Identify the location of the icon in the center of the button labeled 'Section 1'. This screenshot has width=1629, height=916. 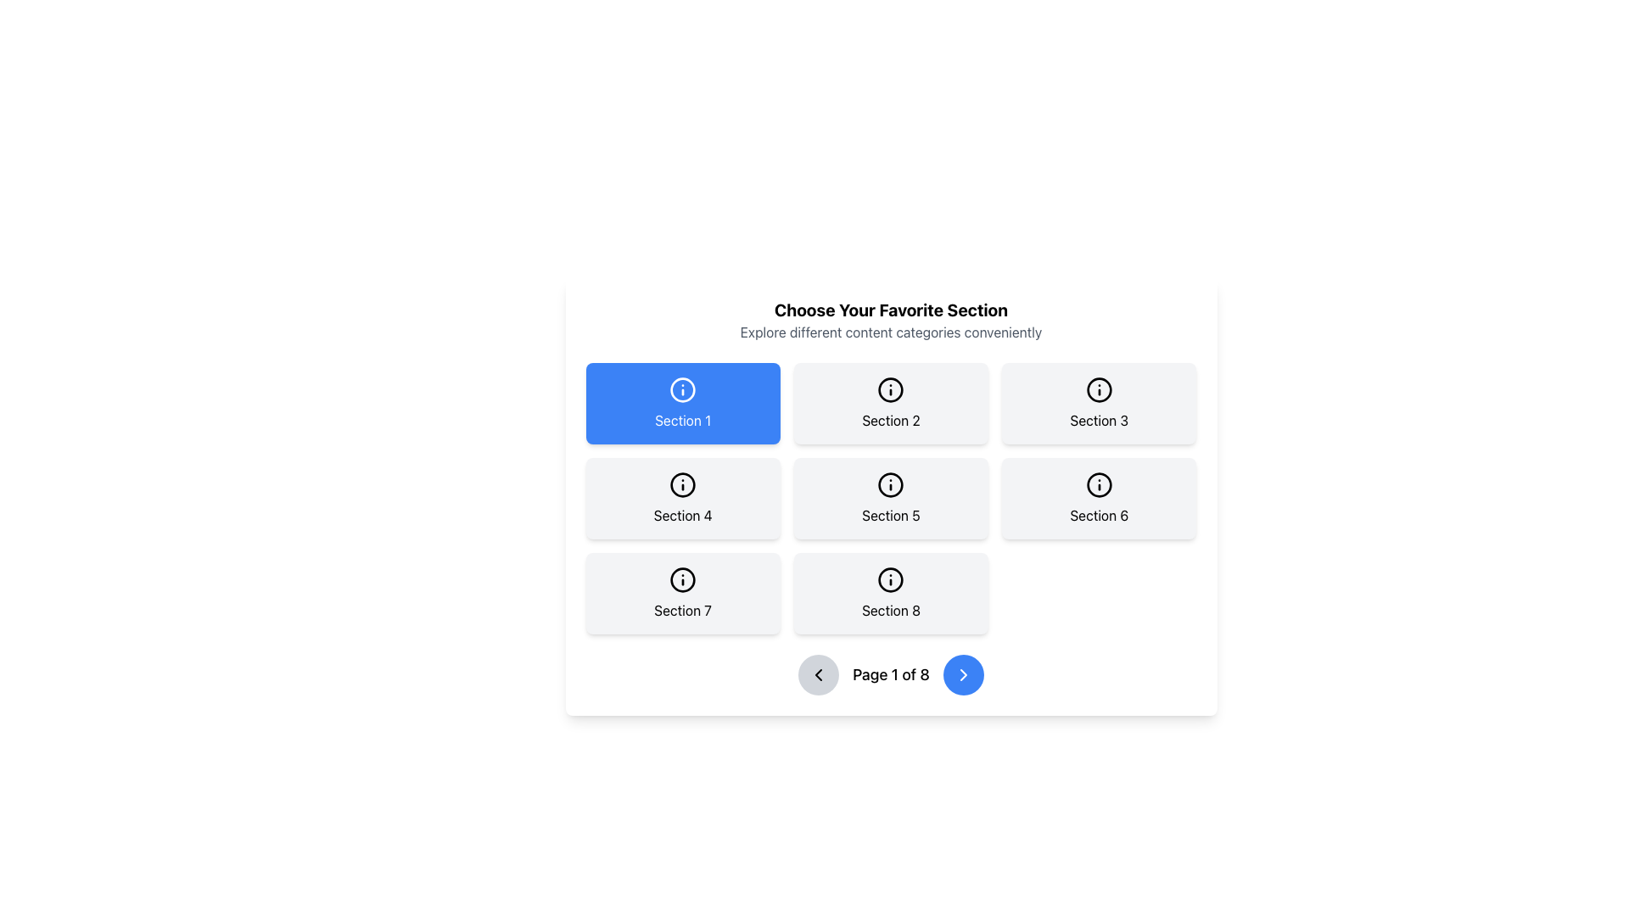
(683, 389).